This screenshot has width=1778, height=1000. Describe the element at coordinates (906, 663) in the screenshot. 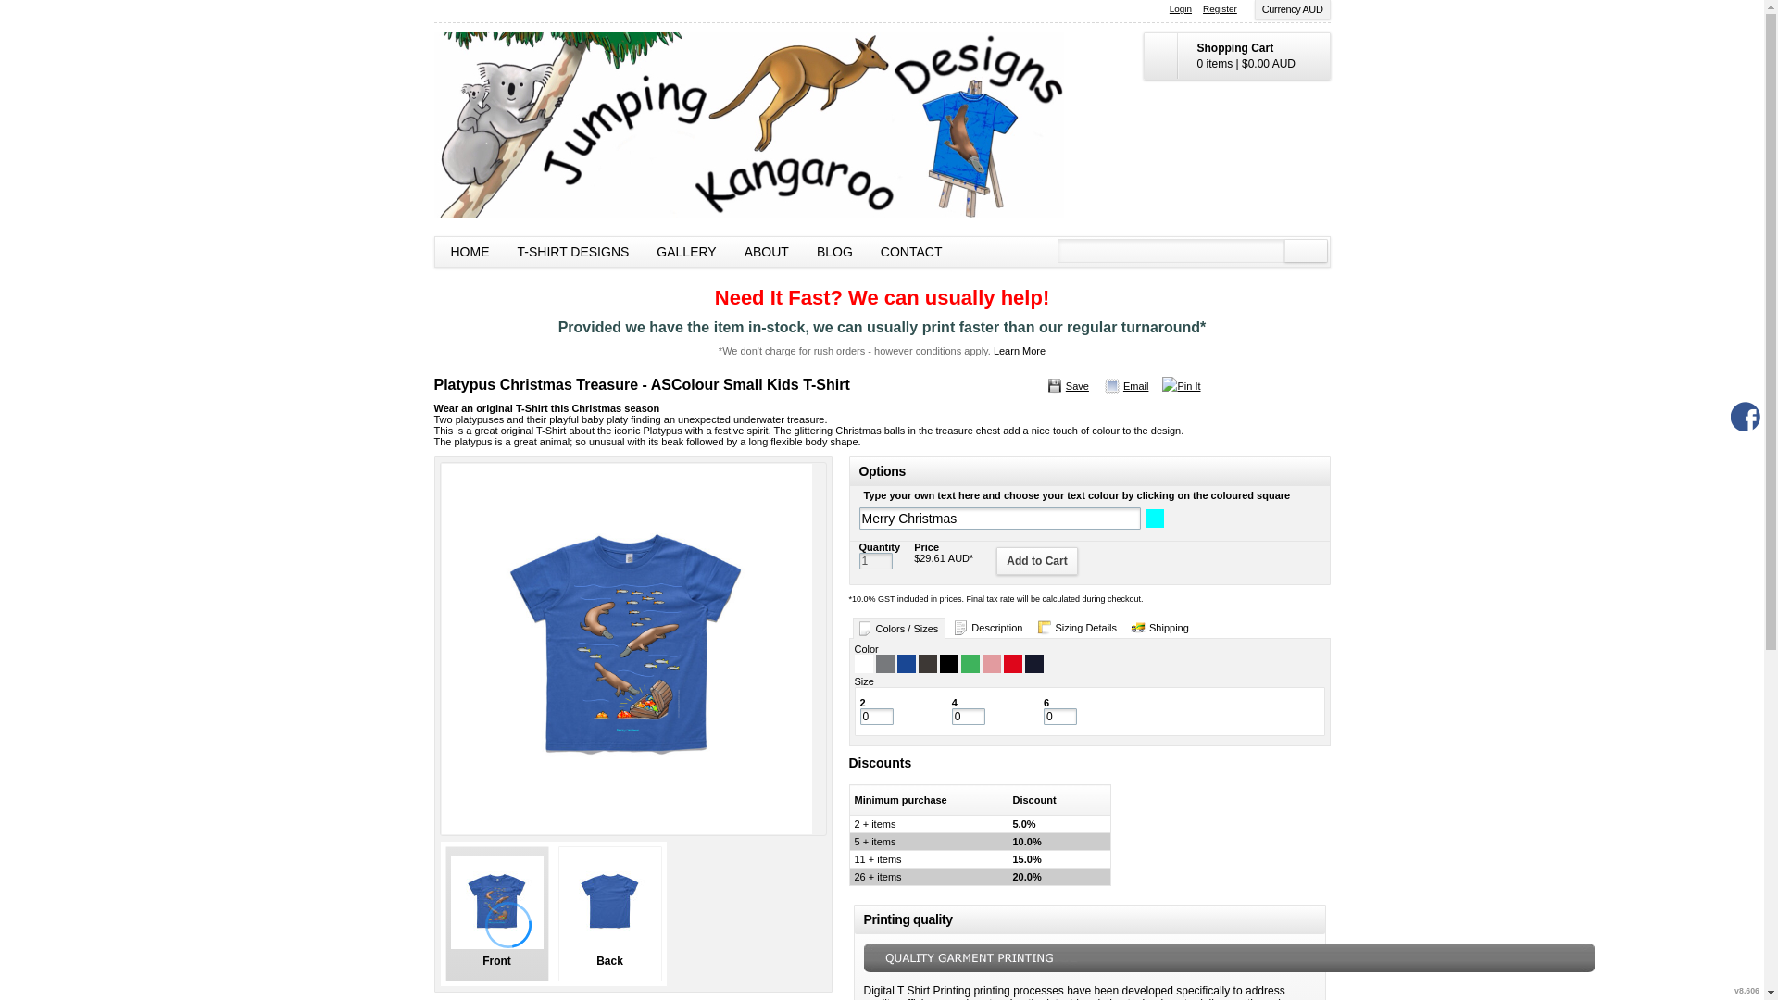

I see `'Bright Royal'` at that location.